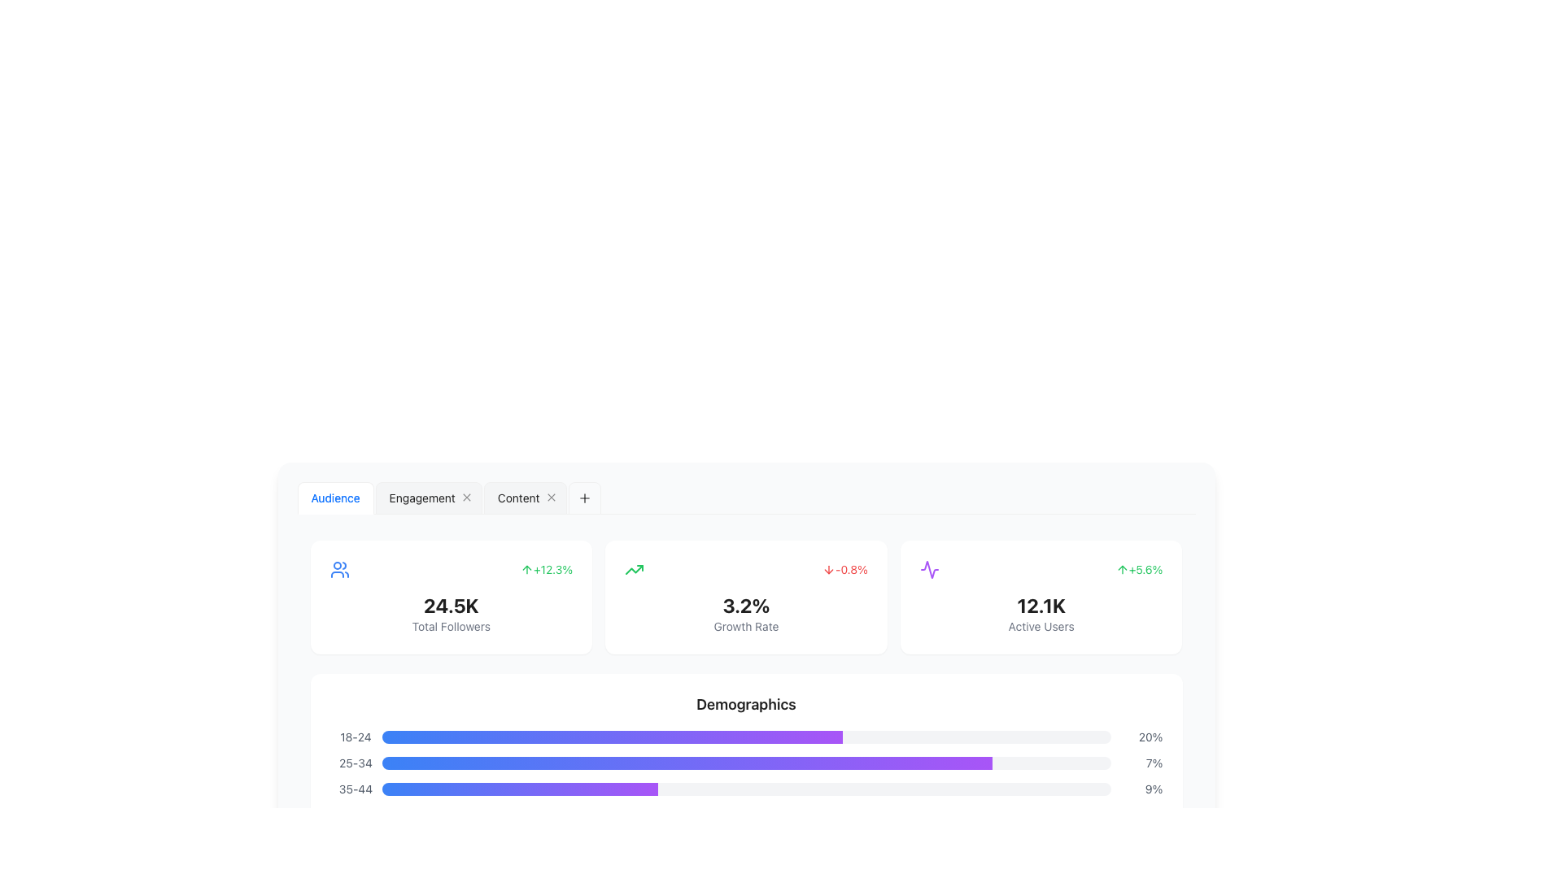 This screenshot has width=1562, height=878. What do you see at coordinates (551, 497) in the screenshot?
I see `the Close button located next to the 'Content' tab in the tab bar` at bounding box center [551, 497].